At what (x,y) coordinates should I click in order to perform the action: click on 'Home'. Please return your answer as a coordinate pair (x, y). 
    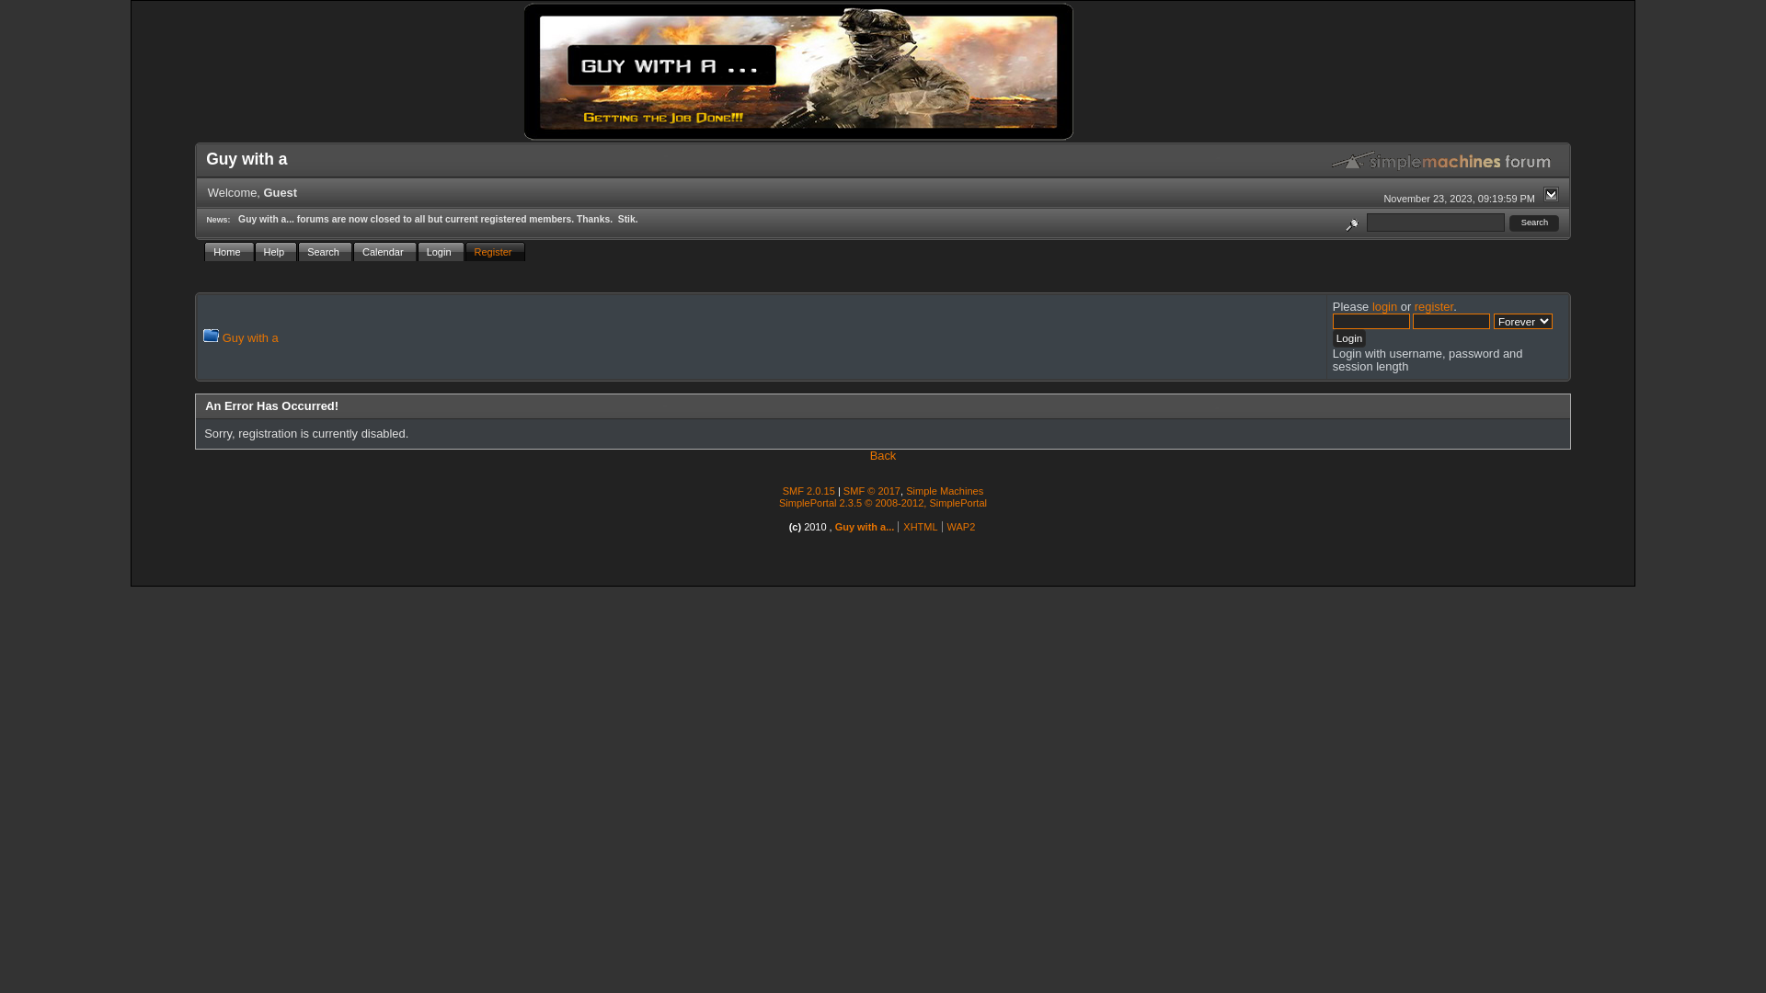
    Looking at the image, I should click on (228, 251).